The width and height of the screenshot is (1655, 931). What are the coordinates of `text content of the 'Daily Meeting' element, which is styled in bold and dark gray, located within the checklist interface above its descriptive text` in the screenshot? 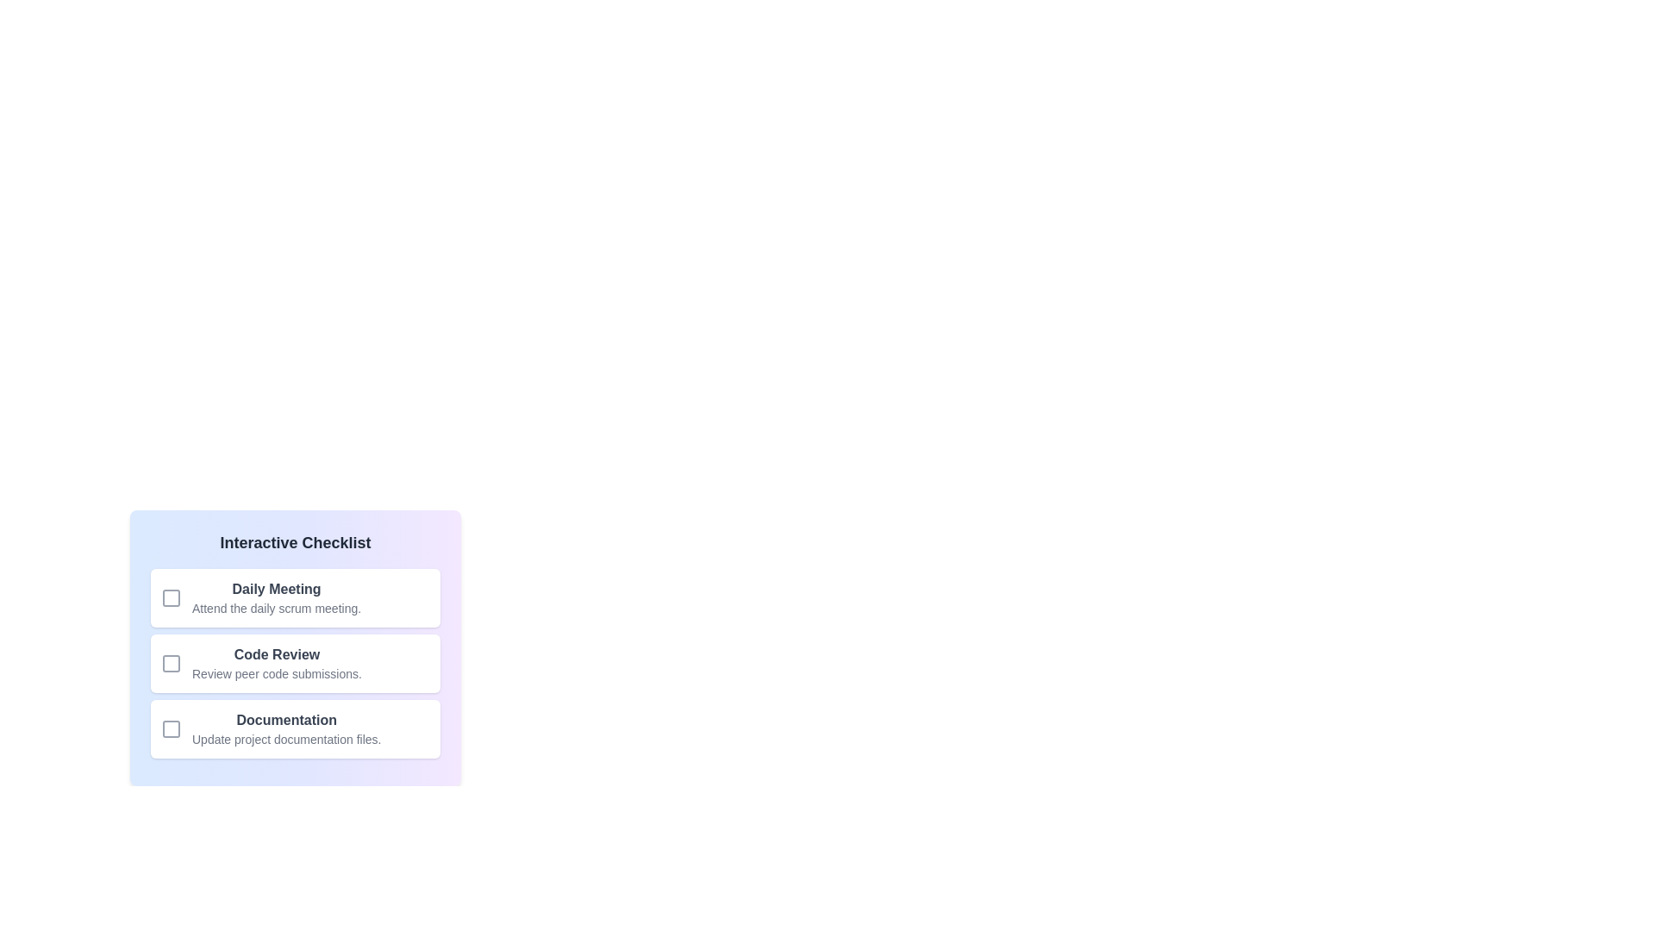 It's located at (277, 588).